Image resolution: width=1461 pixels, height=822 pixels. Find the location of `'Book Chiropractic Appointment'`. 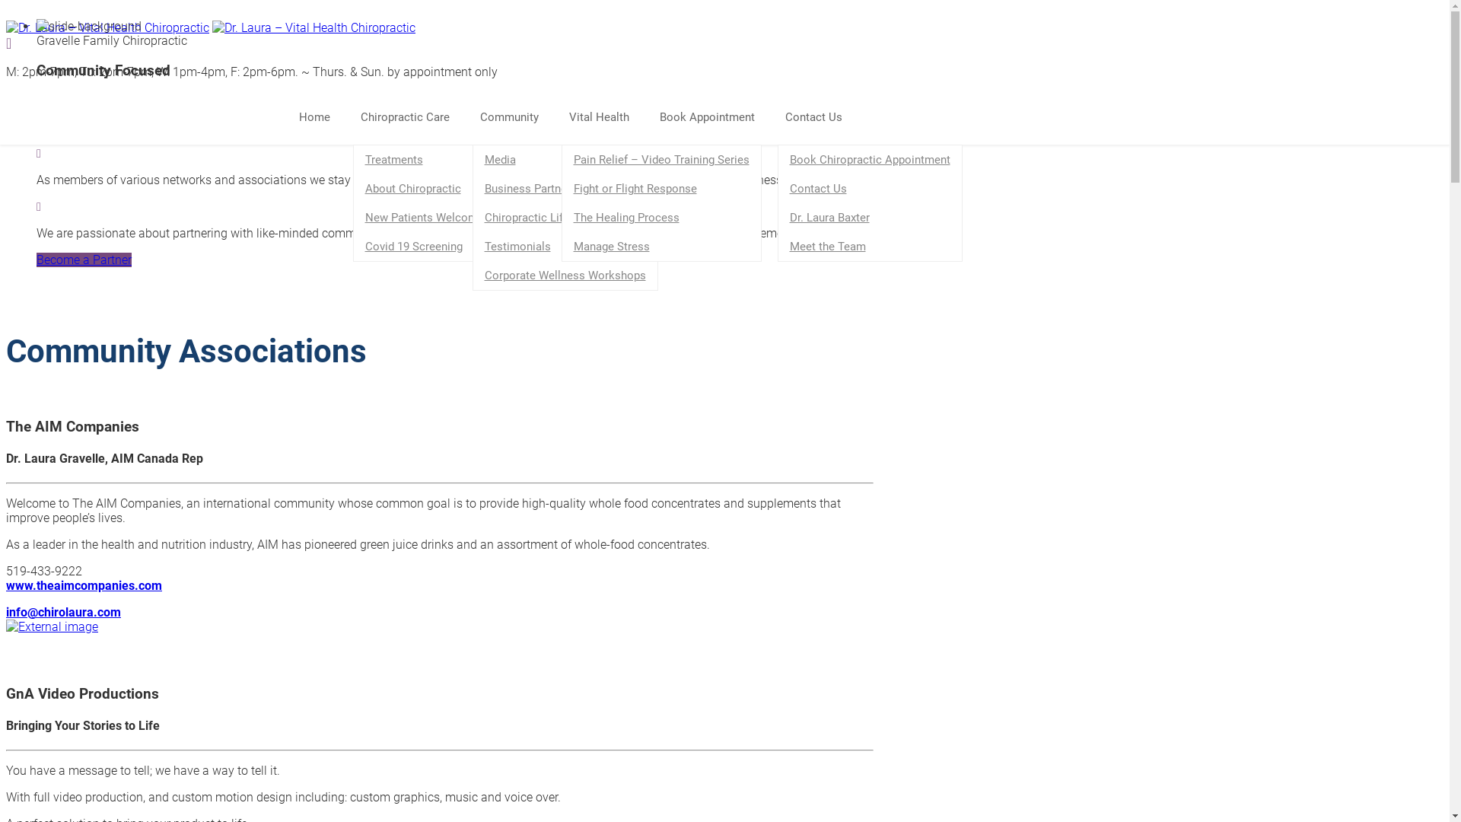

'Book Chiropractic Appointment' is located at coordinates (869, 159).